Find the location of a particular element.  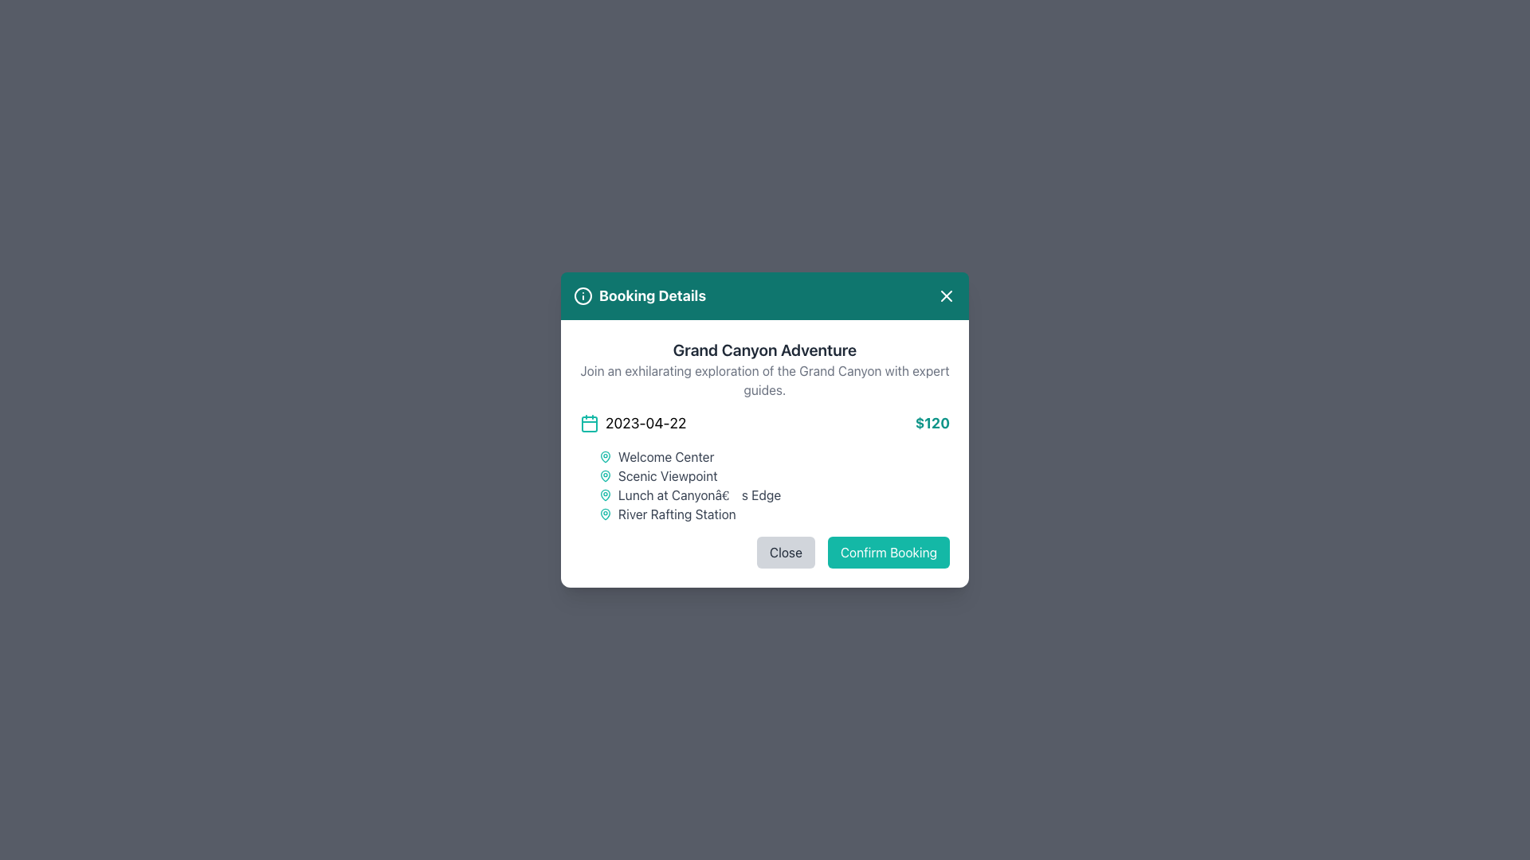

the small, teal-colored map pin icon that precedes the 'Scenic Viewpoint' label in the locations list is located at coordinates (604, 475).